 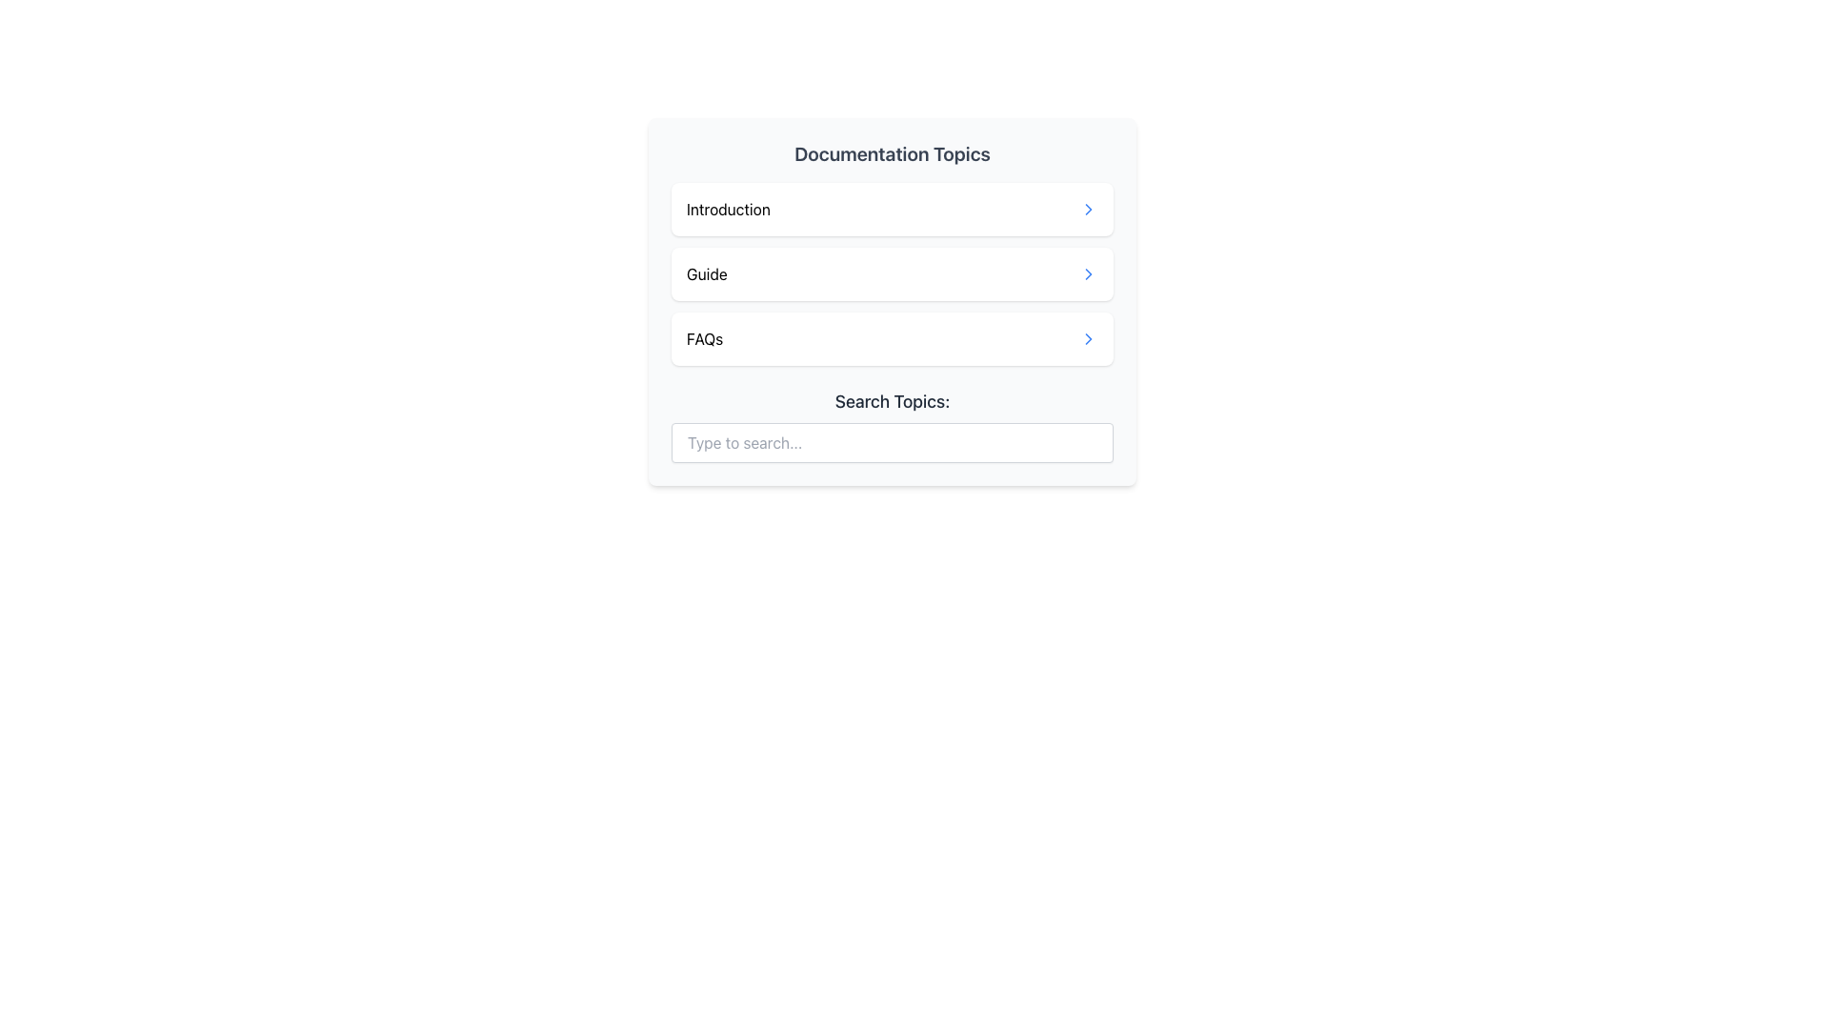 What do you see at coordinates (1088, 337) in the screenshot?
I see `the vector graphic icon representing the navigation indicator associated with the 'FAQs' line` at bounding box center [1088, 337].